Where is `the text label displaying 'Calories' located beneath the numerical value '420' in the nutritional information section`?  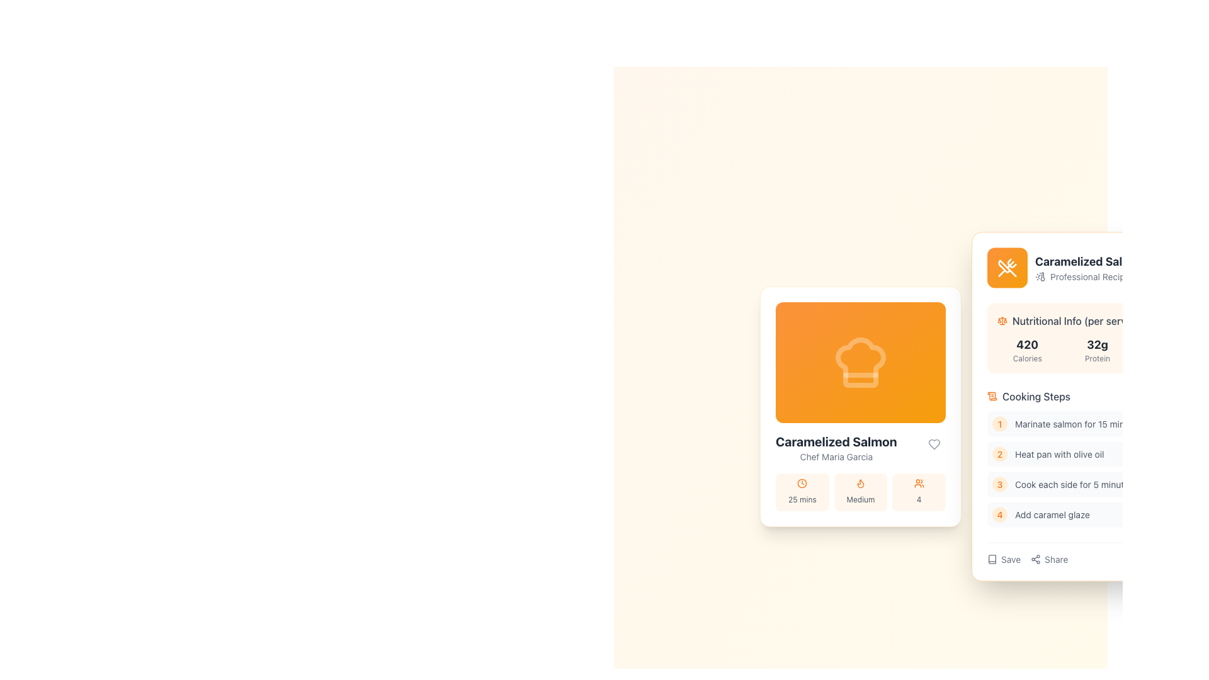 the text label displaying 'Calories' located beneath the numerical value '420' in the nutritional information section is located at coordinates (1027, 358).